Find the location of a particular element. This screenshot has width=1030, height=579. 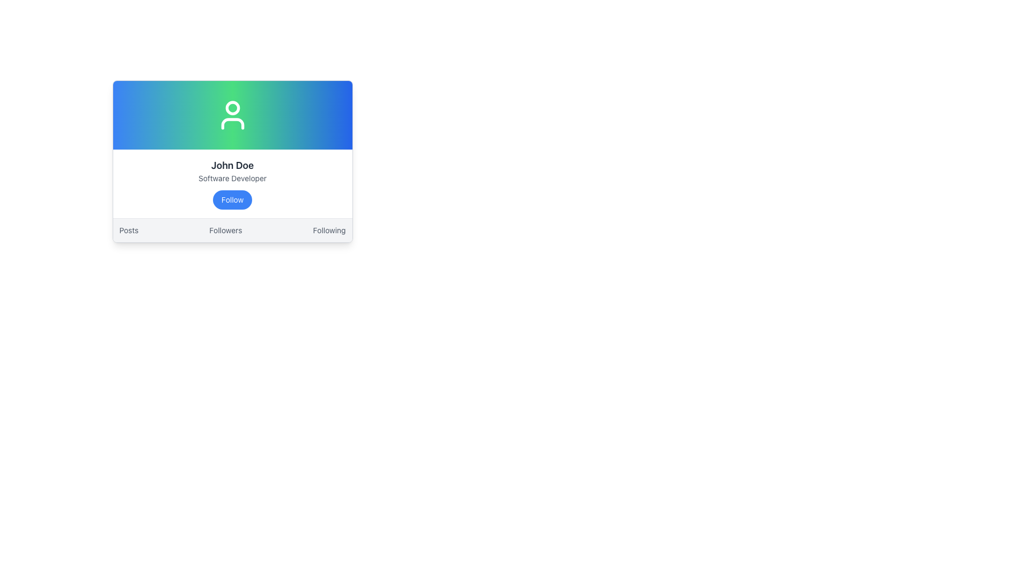

the 'Following' hyperlink element located at the far right of the navigation bar is located at coordinates (329, 229).